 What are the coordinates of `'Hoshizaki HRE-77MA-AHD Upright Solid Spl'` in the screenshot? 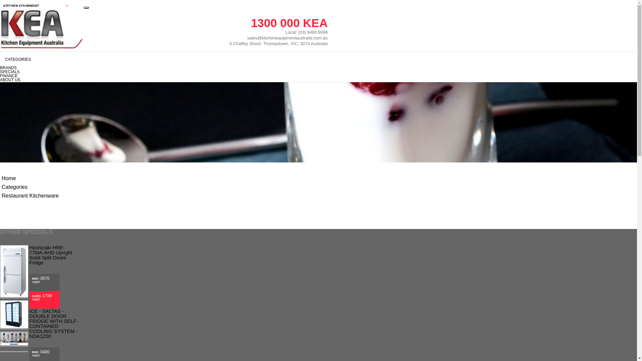 It's located at (0, 296).